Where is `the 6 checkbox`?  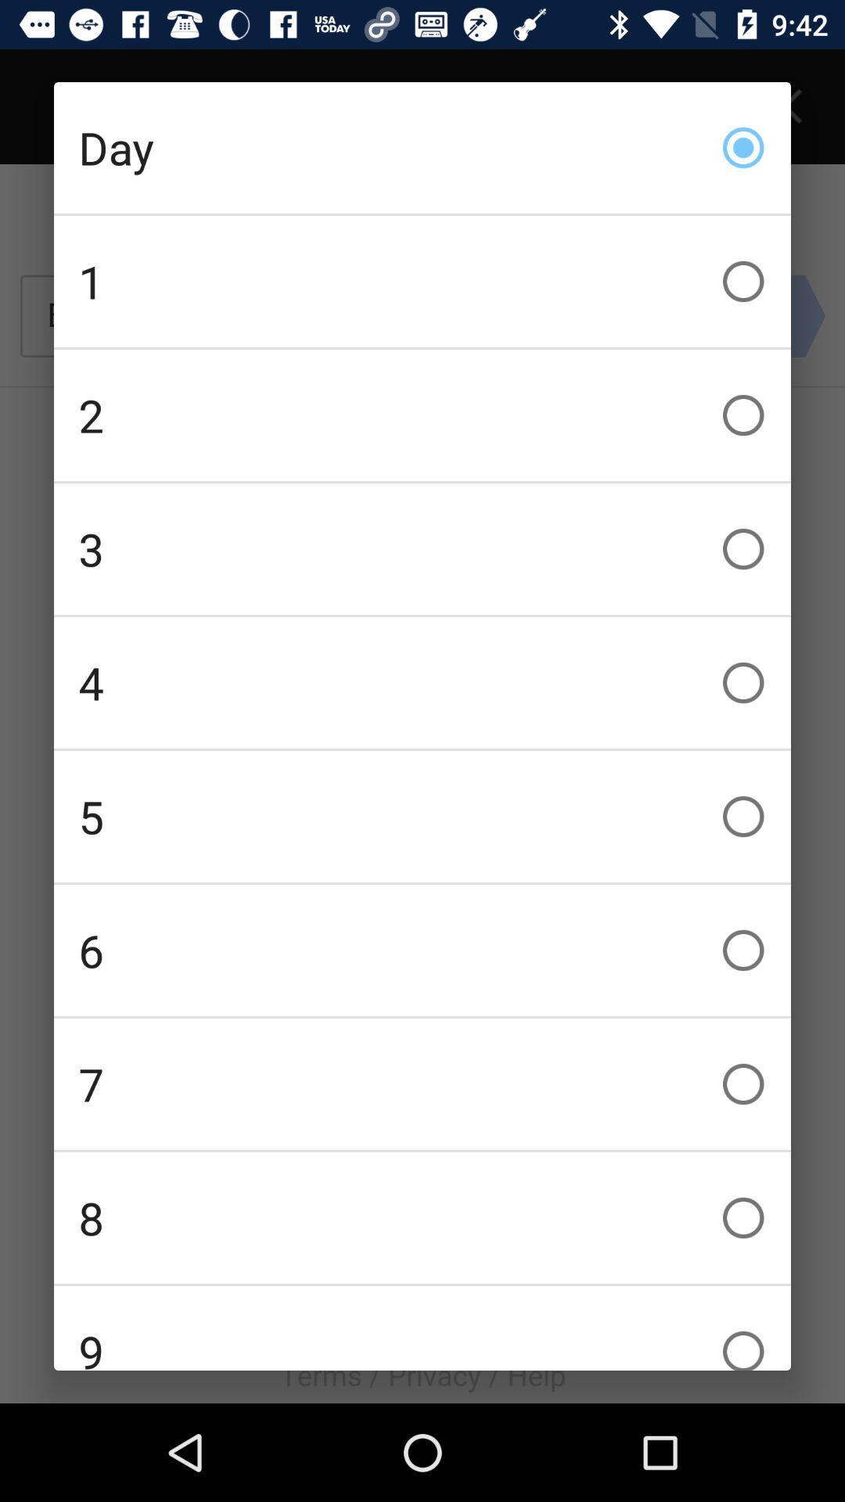
the 6 checkbox is located at coordinates (422, 949).